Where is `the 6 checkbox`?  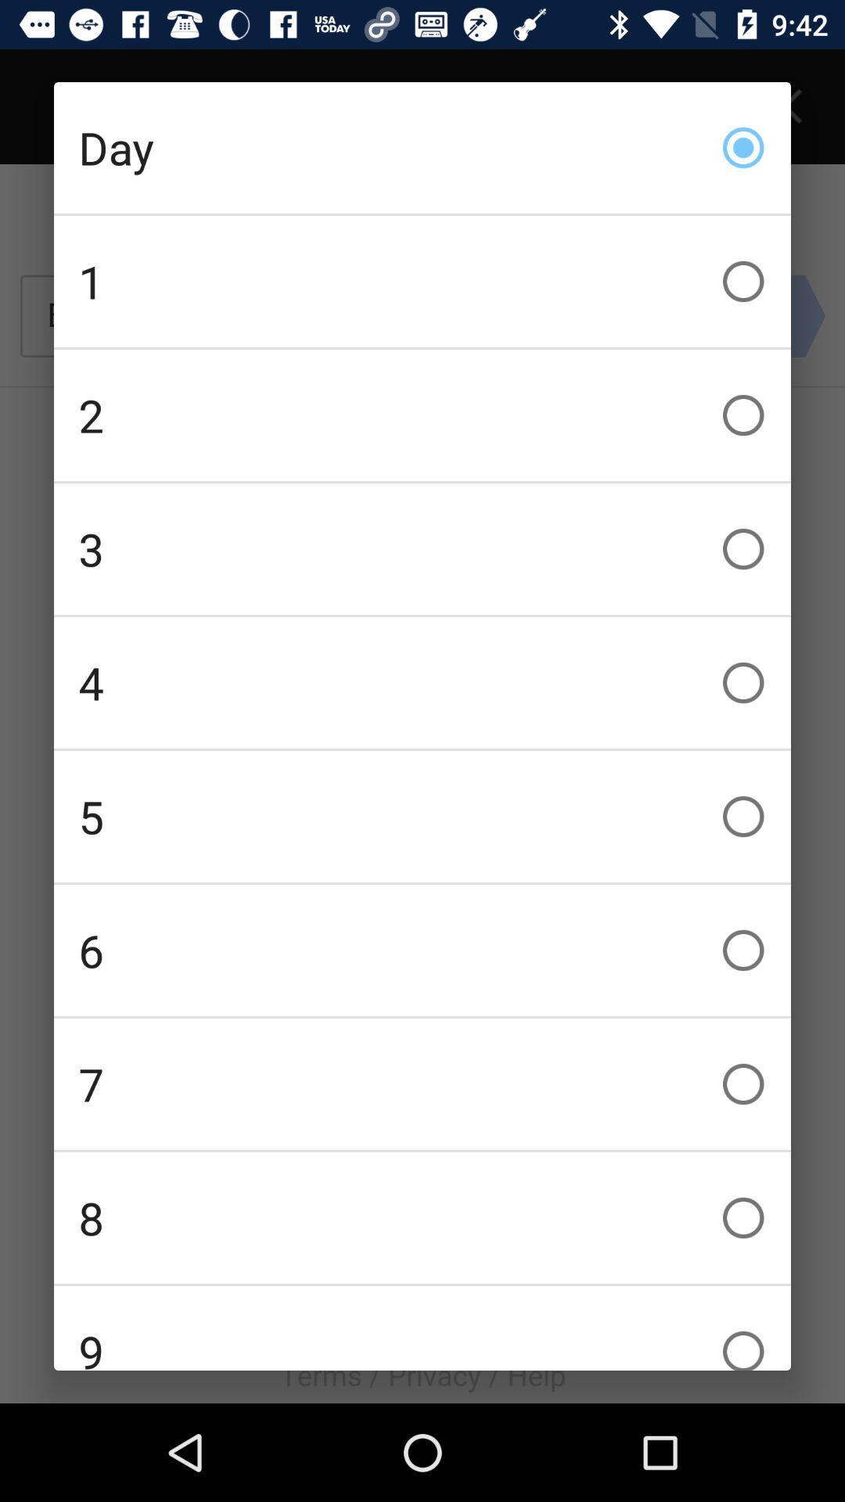
the 6 checkbox is located at coordinates (422, 949).